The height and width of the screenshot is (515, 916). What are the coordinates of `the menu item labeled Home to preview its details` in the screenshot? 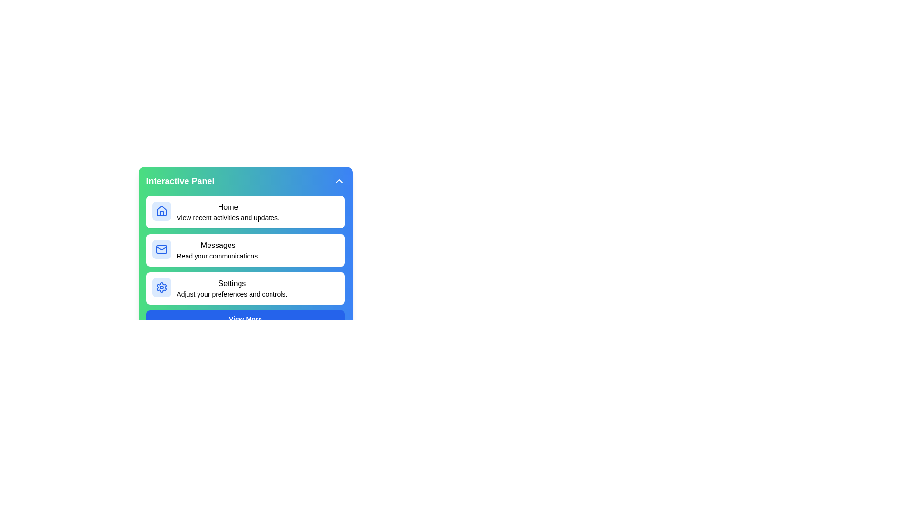 It's located at (245, 211).